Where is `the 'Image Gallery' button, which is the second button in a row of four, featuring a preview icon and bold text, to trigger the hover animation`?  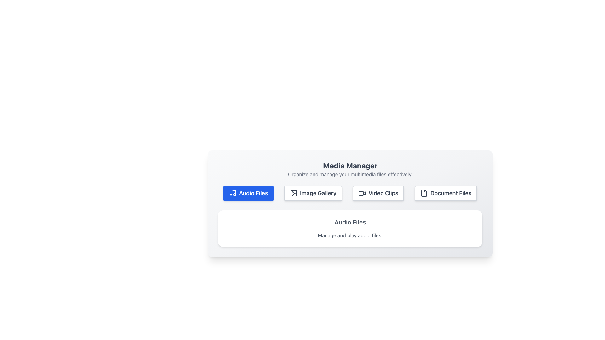
the 'Image Gallery' button, which is the second button in a row of four, featuring a preview icon and bold text, to trigger the hover animation is located at coordinates (313, 193).